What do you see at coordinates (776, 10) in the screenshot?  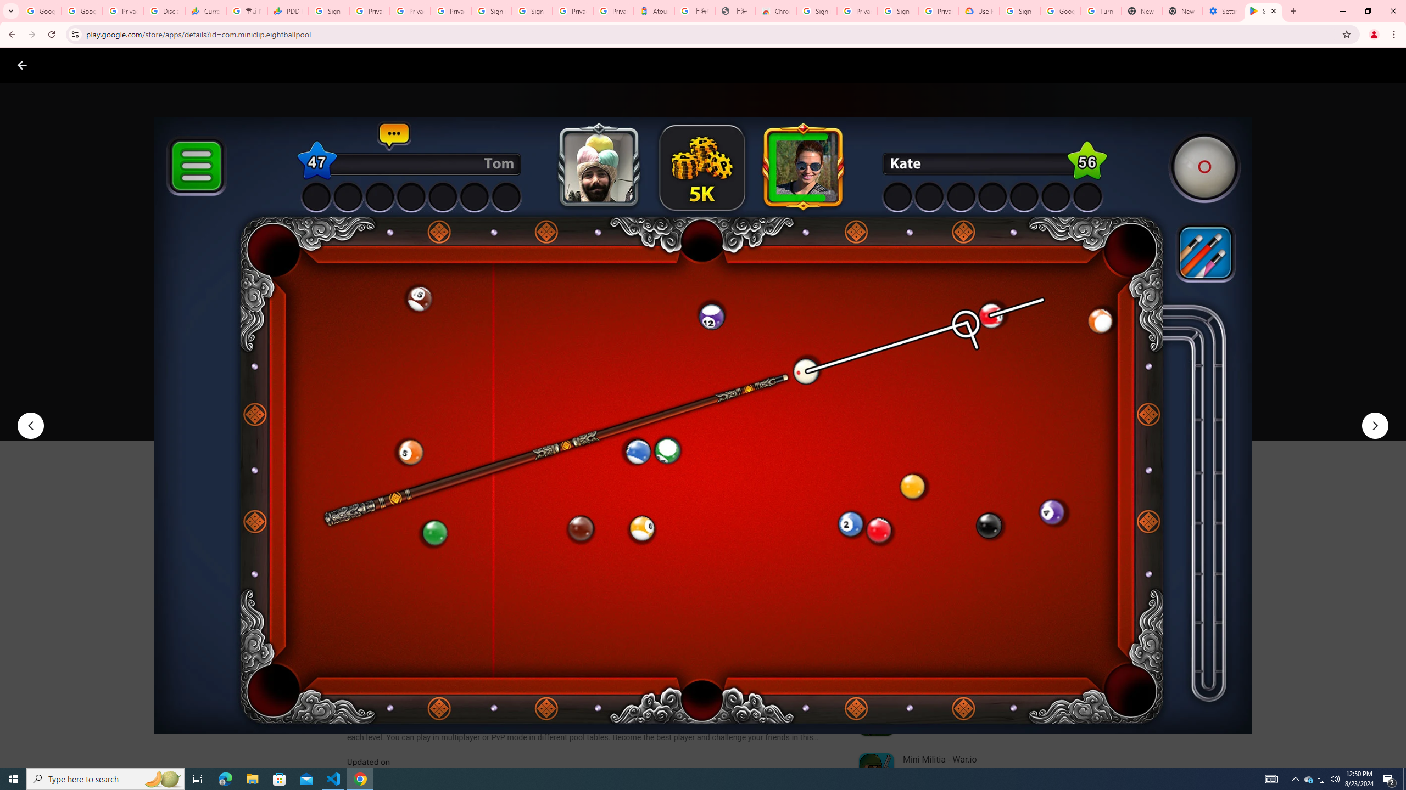 I see `'Chrome Web Store - Color themes by Chrome'` at bounding box center [776, 10].